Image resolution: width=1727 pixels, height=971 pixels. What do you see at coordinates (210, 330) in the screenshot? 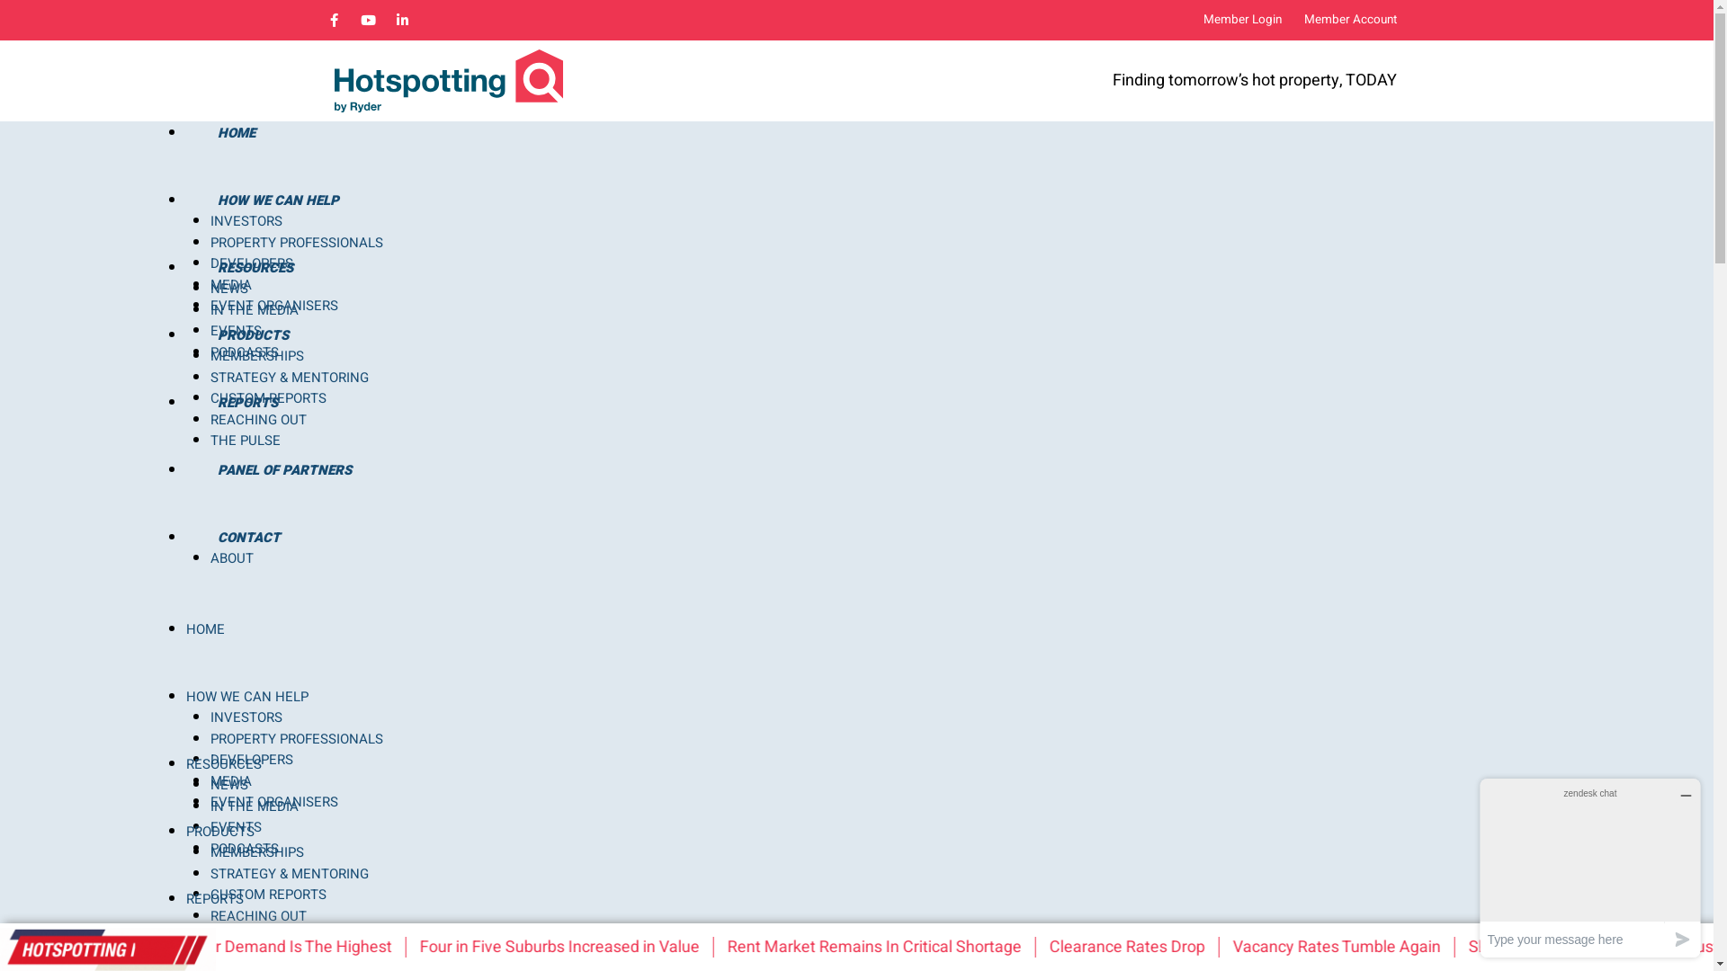
I see `'EVENTS'` at bounding box center [210, 330].